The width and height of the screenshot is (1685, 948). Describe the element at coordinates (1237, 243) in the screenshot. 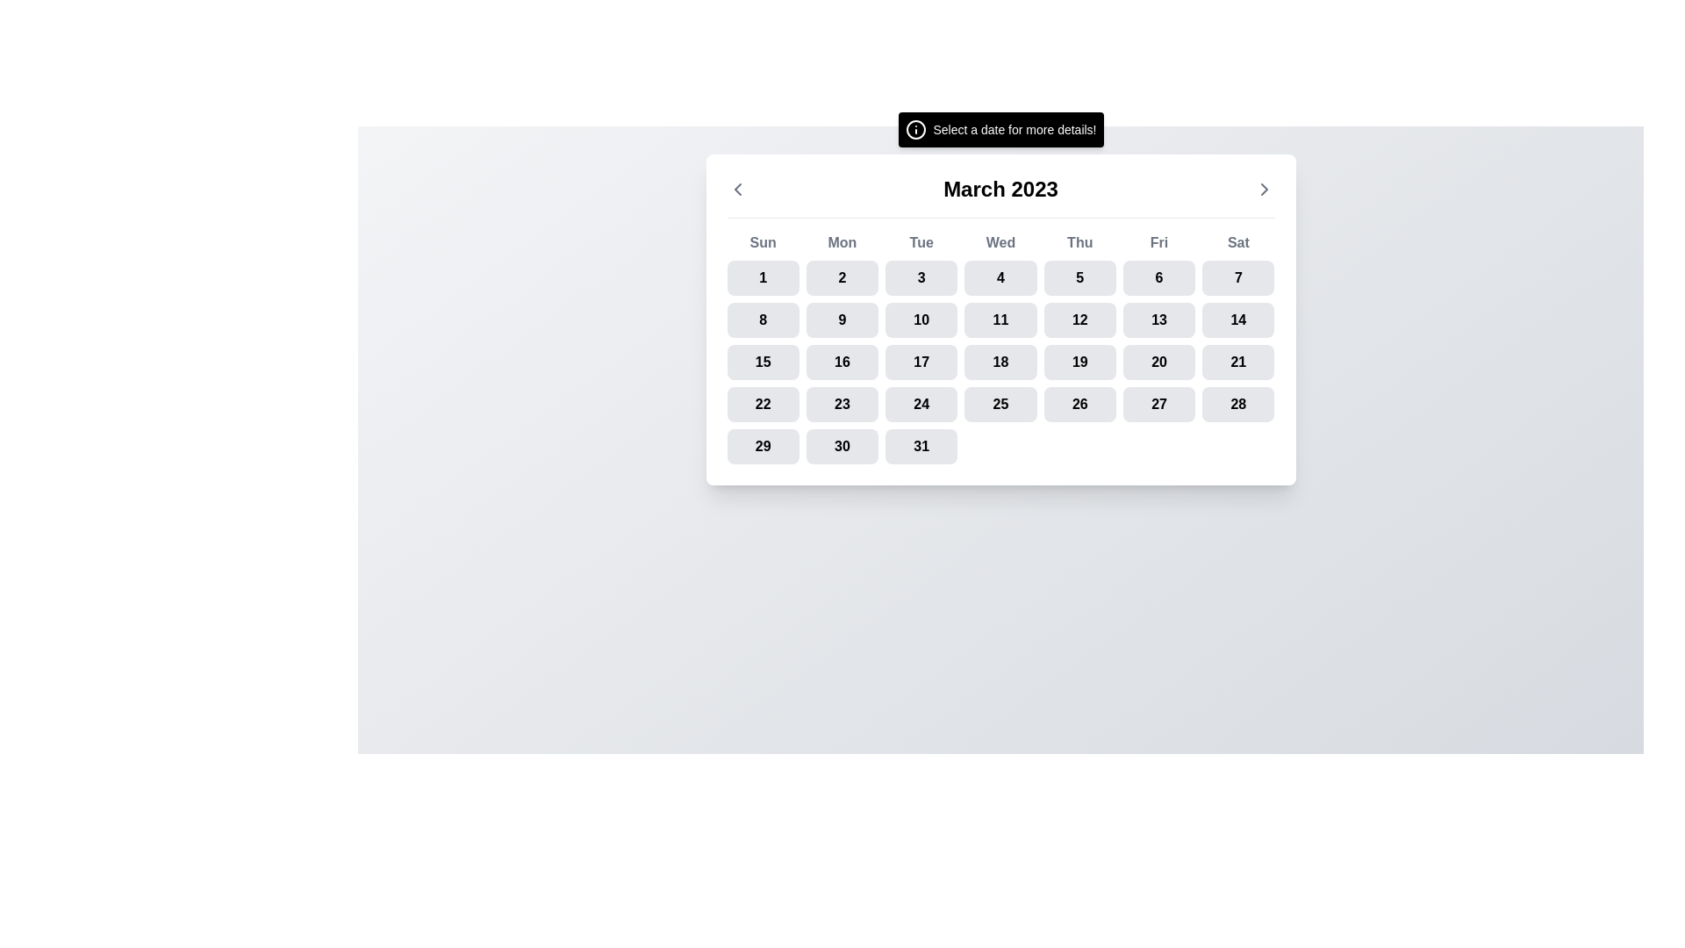

I see `the header label representing Saturday in the calendar interface, which is the last item in the grid layout of weekday abbreviations` at that location.